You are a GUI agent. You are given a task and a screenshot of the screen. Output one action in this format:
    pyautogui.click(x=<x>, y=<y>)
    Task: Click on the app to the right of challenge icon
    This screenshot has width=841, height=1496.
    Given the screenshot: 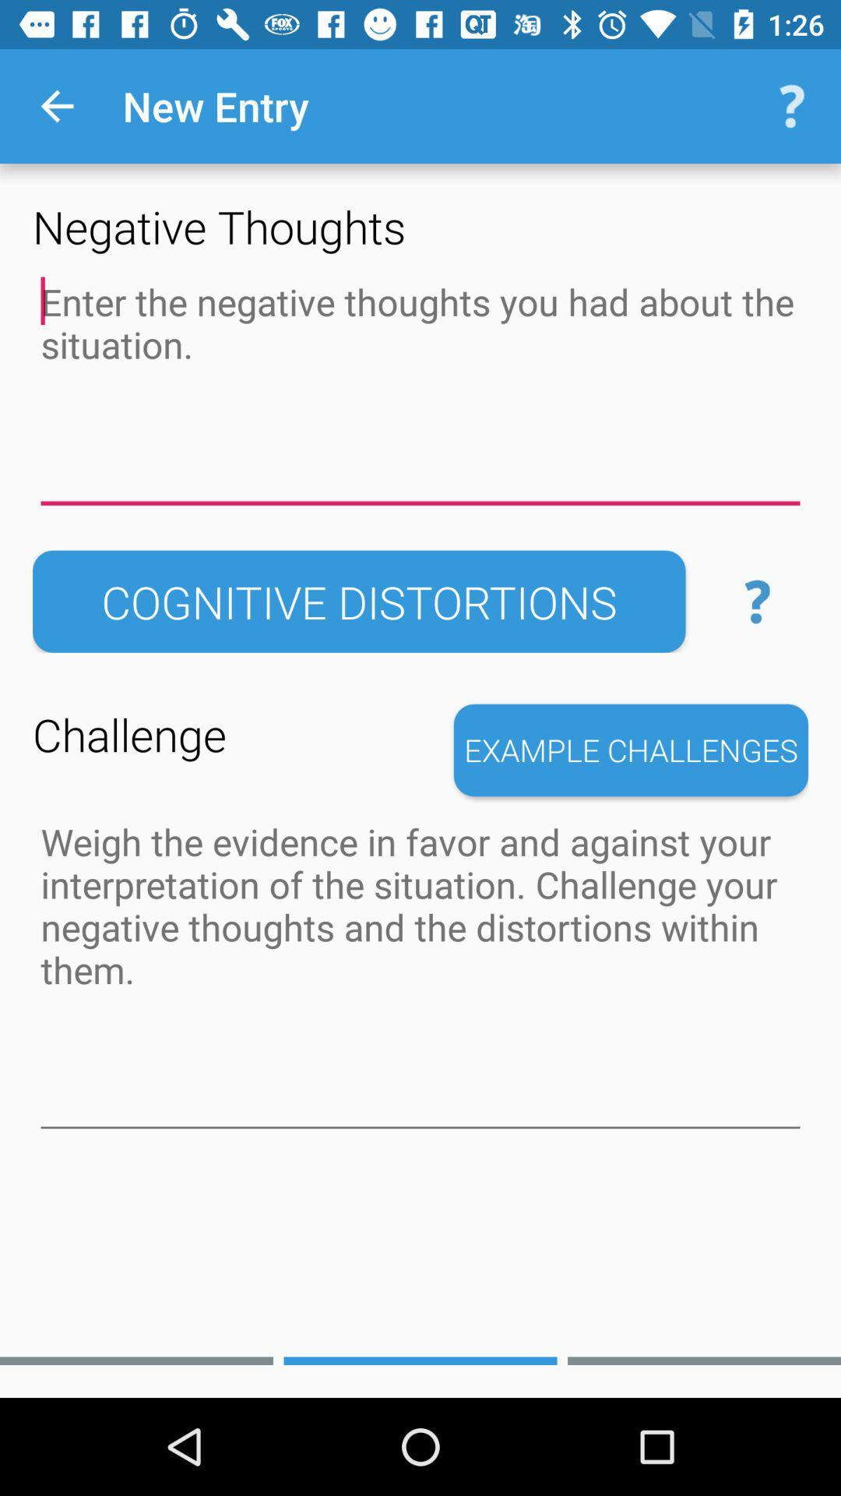 What is the action you would take?
    pyautogui.click(x=631, y=750)
    